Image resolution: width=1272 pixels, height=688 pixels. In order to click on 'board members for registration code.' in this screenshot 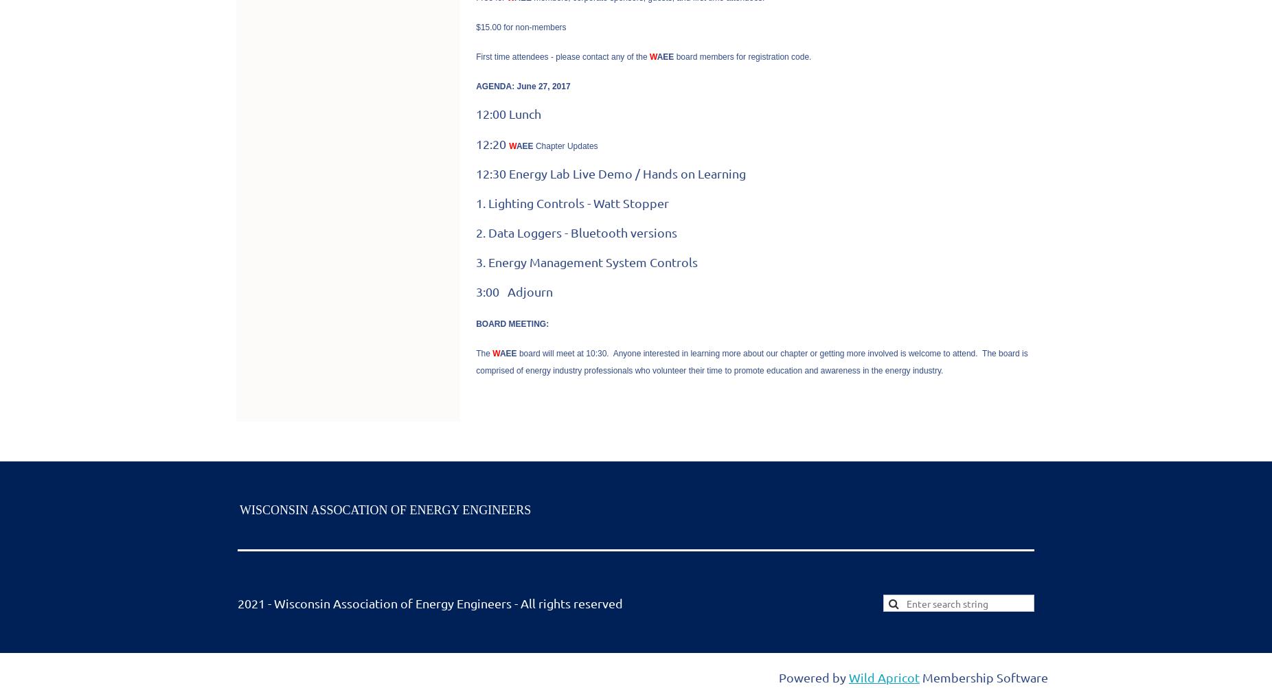, I will do `click(742, 56)`.